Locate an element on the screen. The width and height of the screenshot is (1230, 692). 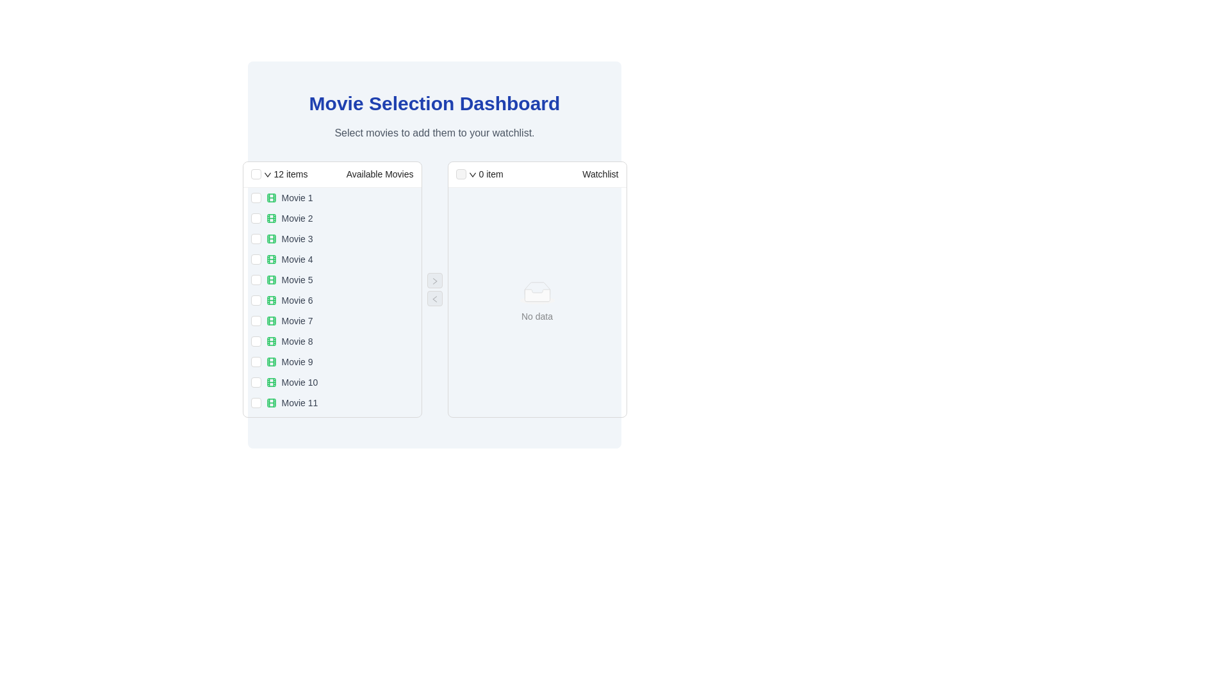
the decorative graphic component with a green border and white background that represents a film strip, located in the 'Movie 11' row of the Available Movies list in the left panel of the dashboard is located at coordinates (270, 402).